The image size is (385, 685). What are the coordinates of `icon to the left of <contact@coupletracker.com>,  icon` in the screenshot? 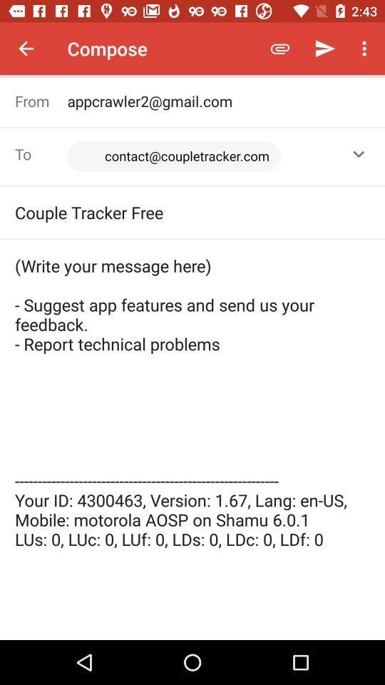 It's located at (41, 154).